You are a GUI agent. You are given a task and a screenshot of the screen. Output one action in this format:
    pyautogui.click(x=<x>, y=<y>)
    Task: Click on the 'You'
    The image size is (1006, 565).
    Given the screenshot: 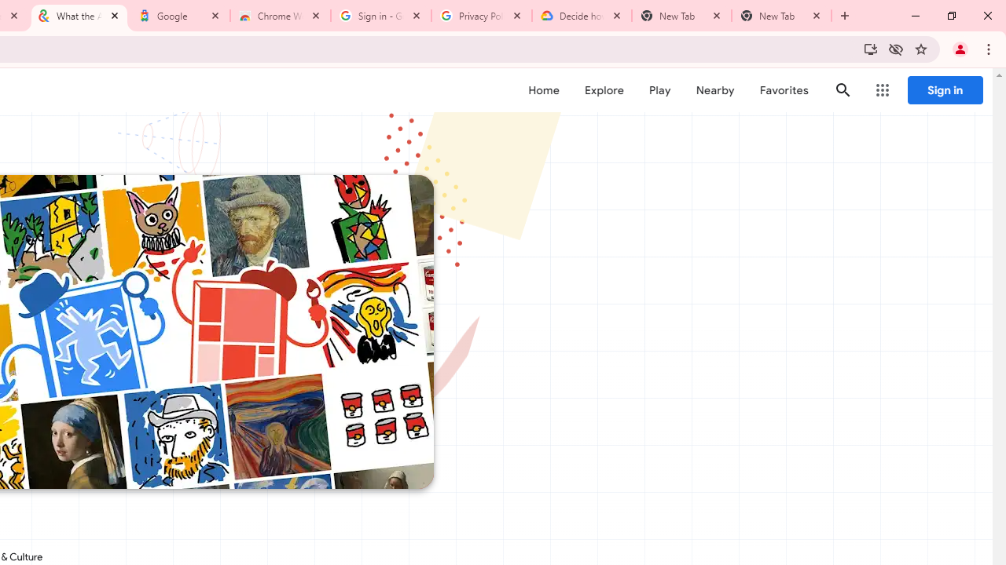 What is the action you would take?
    pyautogui.click(x=959, y=48)
    